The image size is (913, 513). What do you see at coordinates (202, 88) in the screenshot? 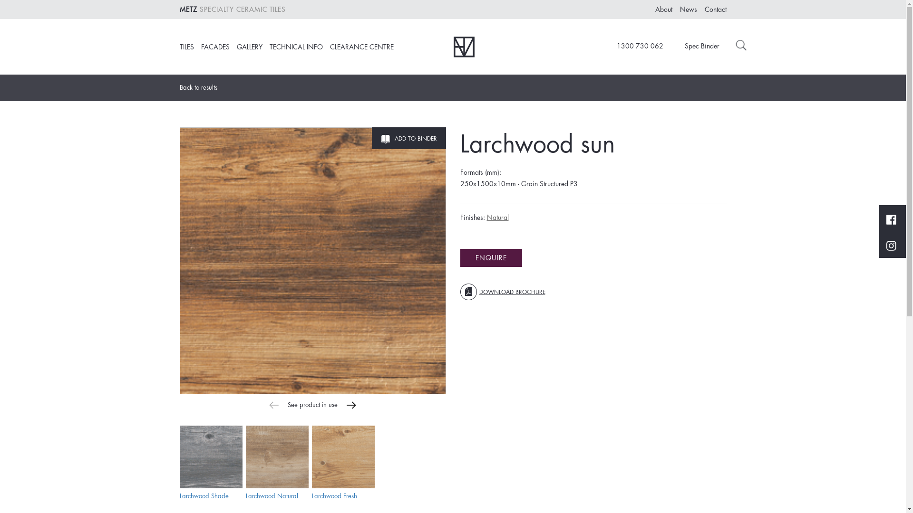
I see `'Back to results'` at bounding box center [202, 88].